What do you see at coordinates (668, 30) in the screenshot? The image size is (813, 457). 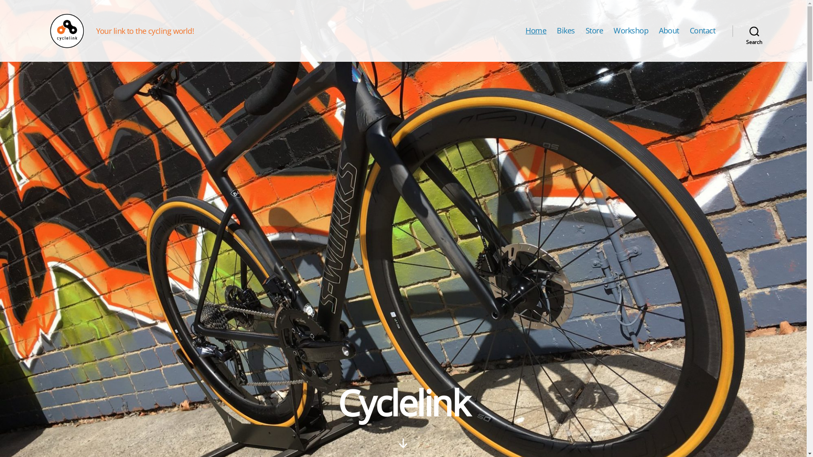 I see `'About'` at bounding box center [668, 30].